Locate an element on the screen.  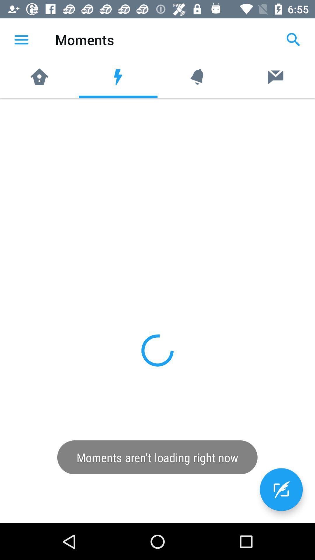
the edit icon is located at coordinates (281, 489).